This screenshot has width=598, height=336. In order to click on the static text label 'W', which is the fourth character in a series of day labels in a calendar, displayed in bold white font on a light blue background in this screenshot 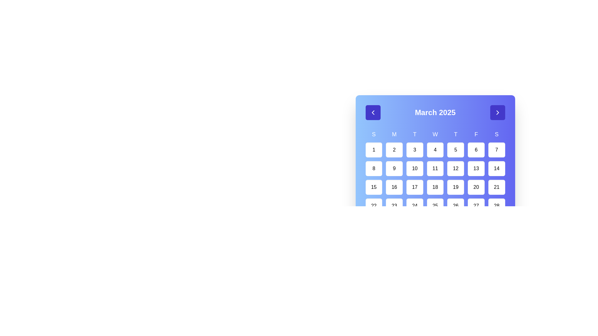, I will do `click(435, 134)`.